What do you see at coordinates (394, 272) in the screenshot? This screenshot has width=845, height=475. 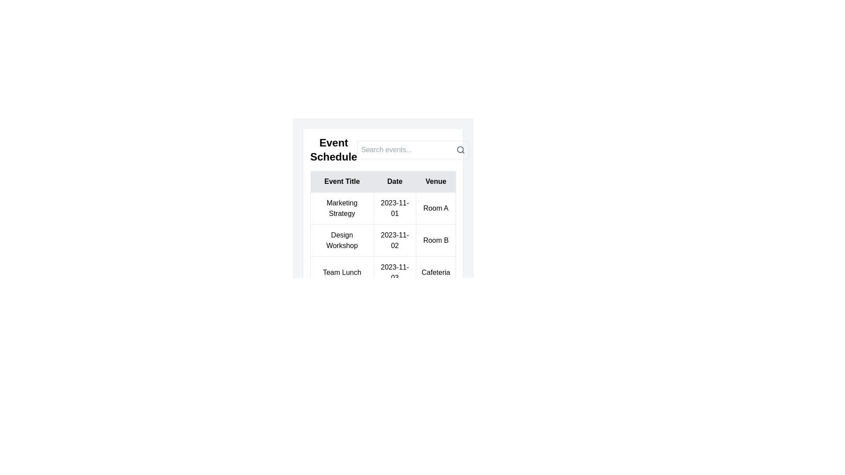 I see `the Text element displaying the date for the 'Team Lunch' event located in the third row of the table under the 'Date' column` at bounding box center [394, 272].